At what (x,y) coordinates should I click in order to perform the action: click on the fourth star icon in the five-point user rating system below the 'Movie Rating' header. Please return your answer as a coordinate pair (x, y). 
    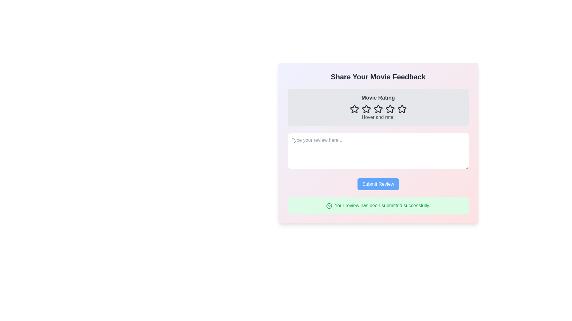
    Looking at the image, I should click on (390, 109).